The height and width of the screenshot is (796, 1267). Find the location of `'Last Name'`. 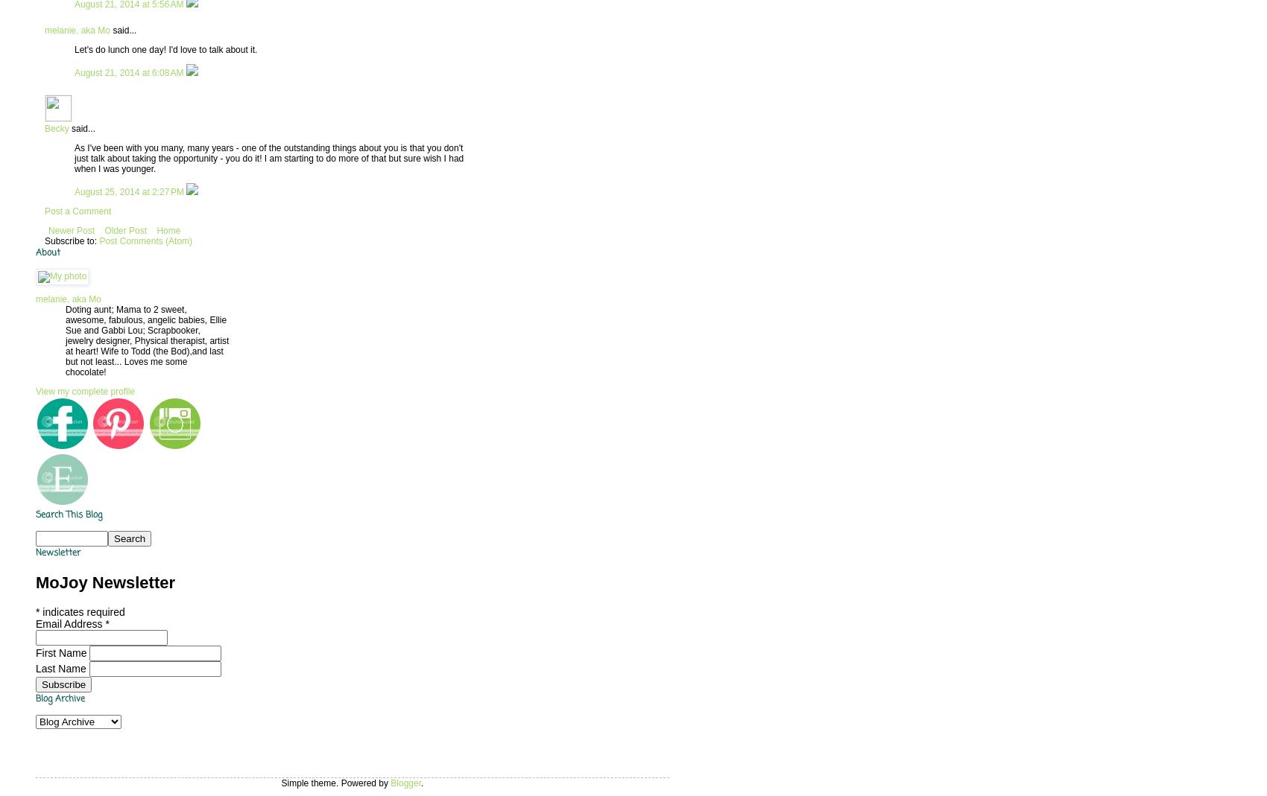

'Last Name' is located at coordinates (62, 667).